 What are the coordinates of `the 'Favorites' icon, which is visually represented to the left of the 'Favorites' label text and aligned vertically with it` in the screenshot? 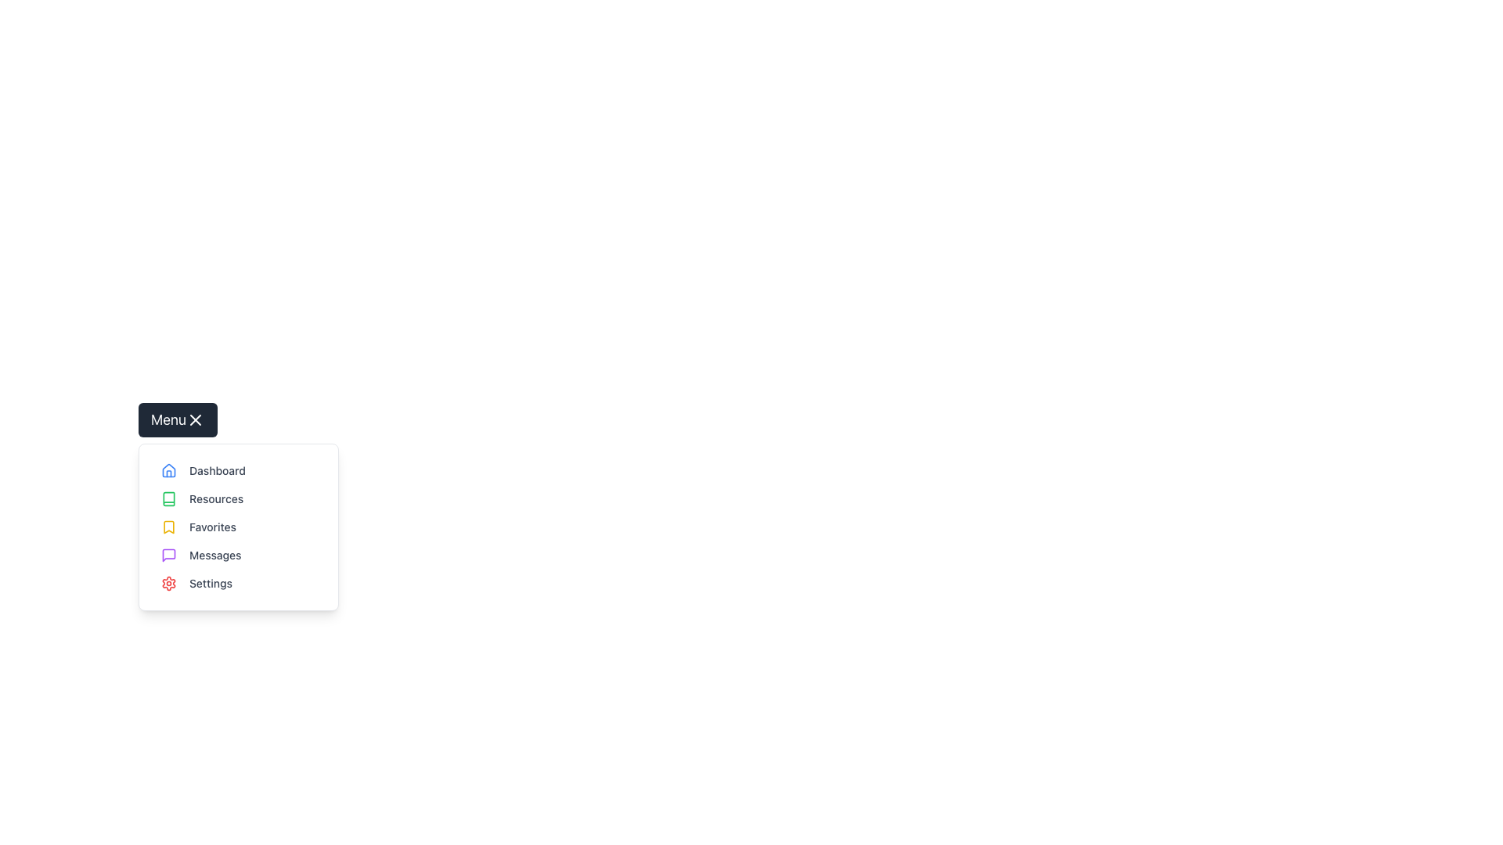 It's located at (169, 527).